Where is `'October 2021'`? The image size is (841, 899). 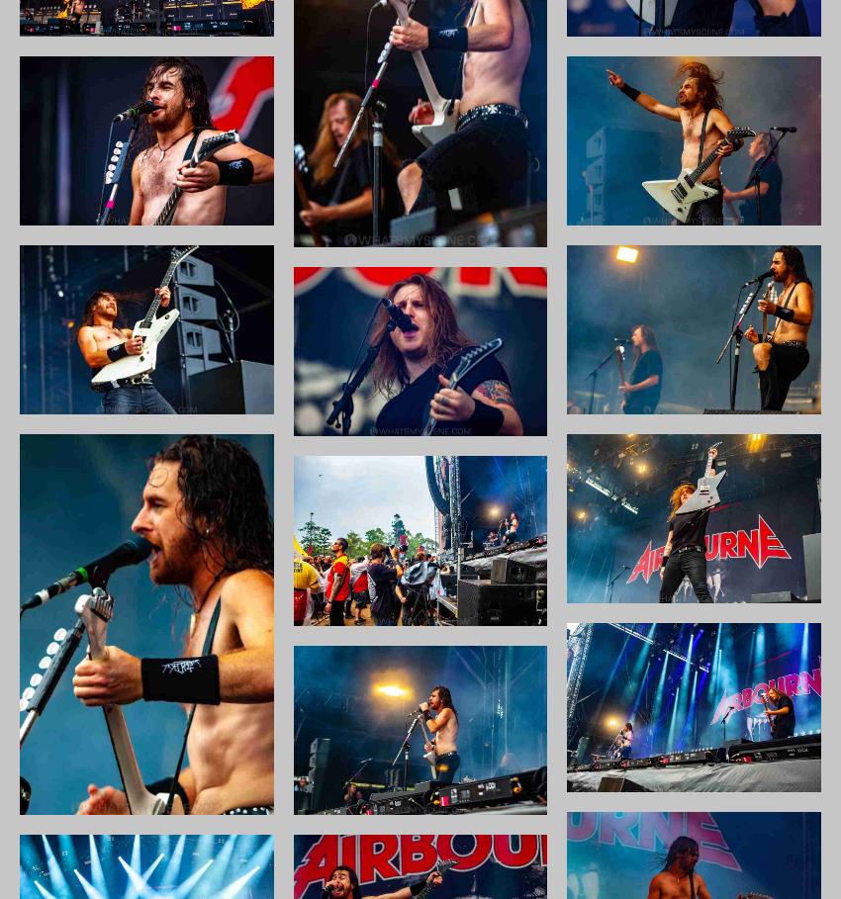 'October 2021' is located at coordinates (667, 386).